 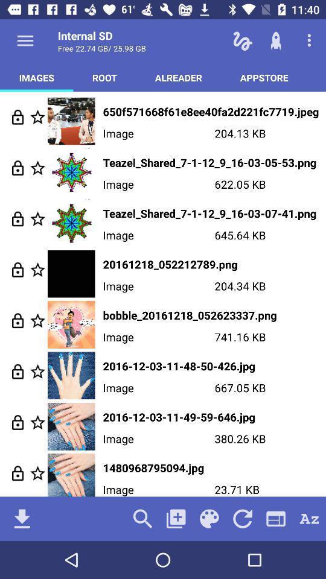 I want to click on puts as favorites, so click(x=37, y=473).